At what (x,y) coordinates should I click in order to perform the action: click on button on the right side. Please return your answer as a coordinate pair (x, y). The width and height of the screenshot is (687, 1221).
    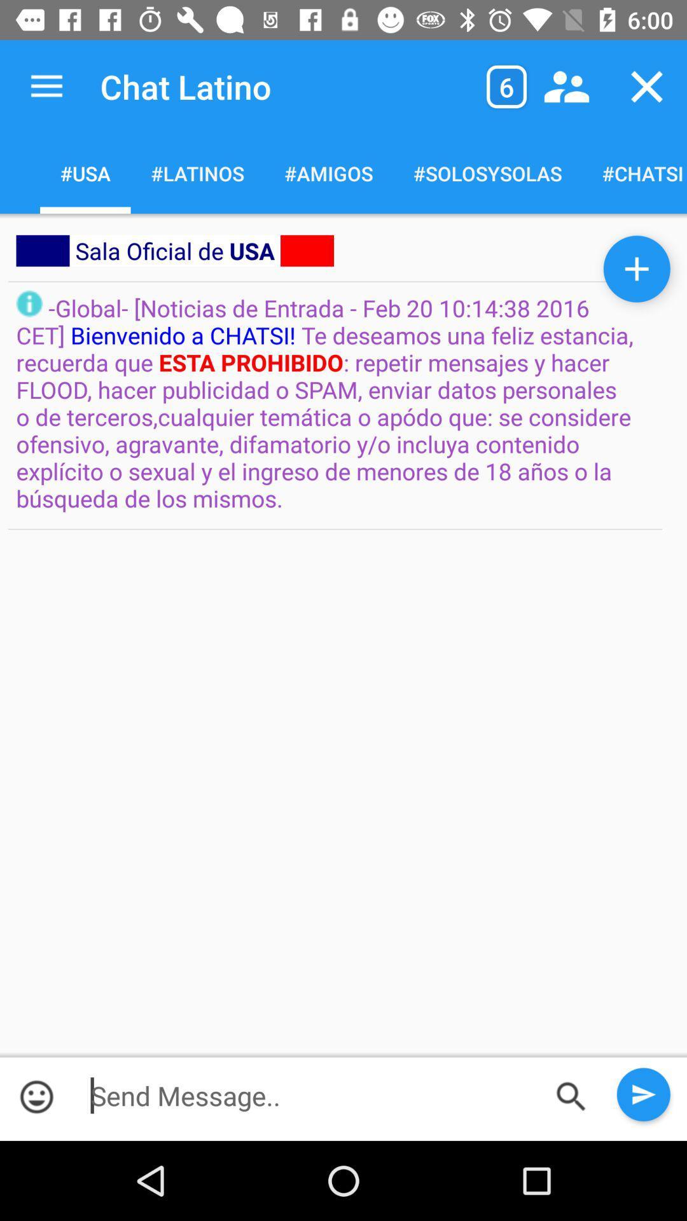
    Looking at the image, I should click on (637, 268).